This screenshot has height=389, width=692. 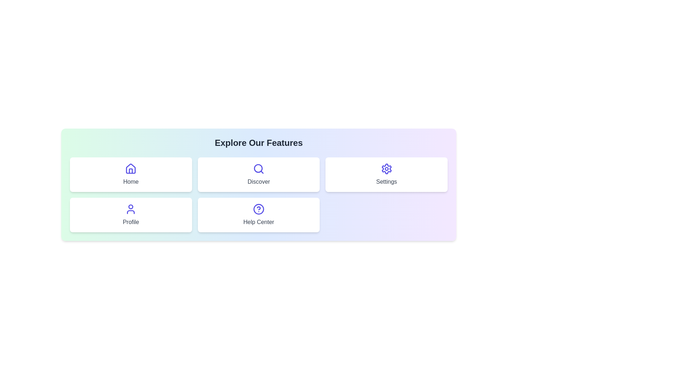 What do you see at coordinates (131, 169) in the screenshot?
I see `the indigo wireframe house icon located at the center of the 'Home' button in the top-left of the interactive button grid as a non-interactive visual` at bounding box center [131, 169].